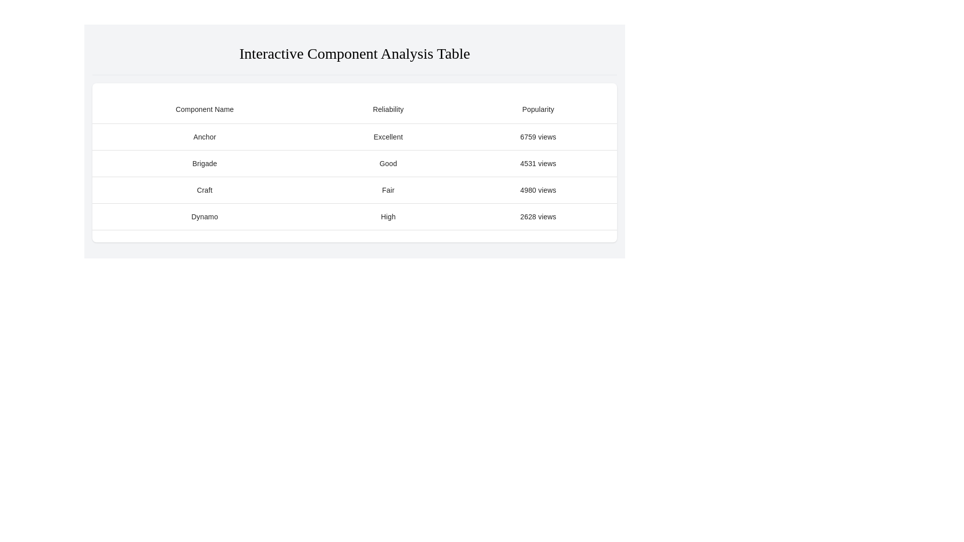  Describe the element at coordinates (388, 163) in the screenshot. I see `the second cell in the second row of the table displaying 'Good' for the reliability of 'Brigade'` at that location.